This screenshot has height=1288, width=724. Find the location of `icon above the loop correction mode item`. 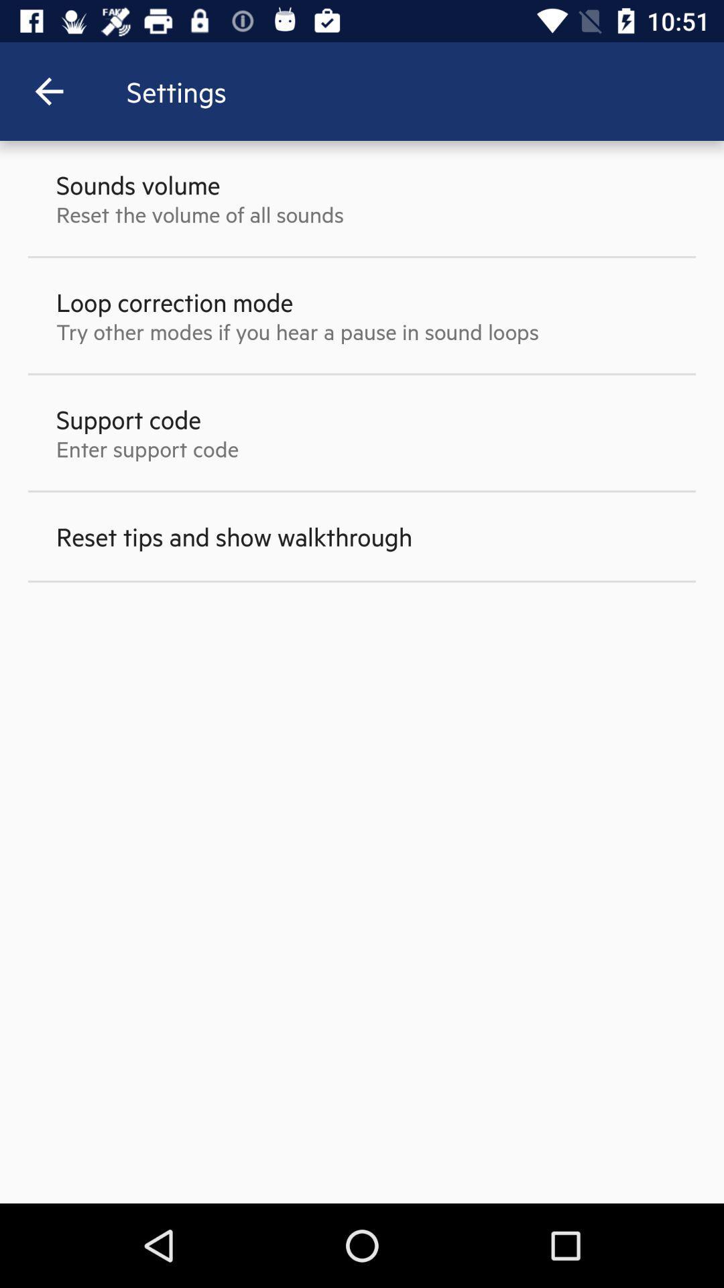

icon above the loop correction mode item is located at coordinates (200, 213).